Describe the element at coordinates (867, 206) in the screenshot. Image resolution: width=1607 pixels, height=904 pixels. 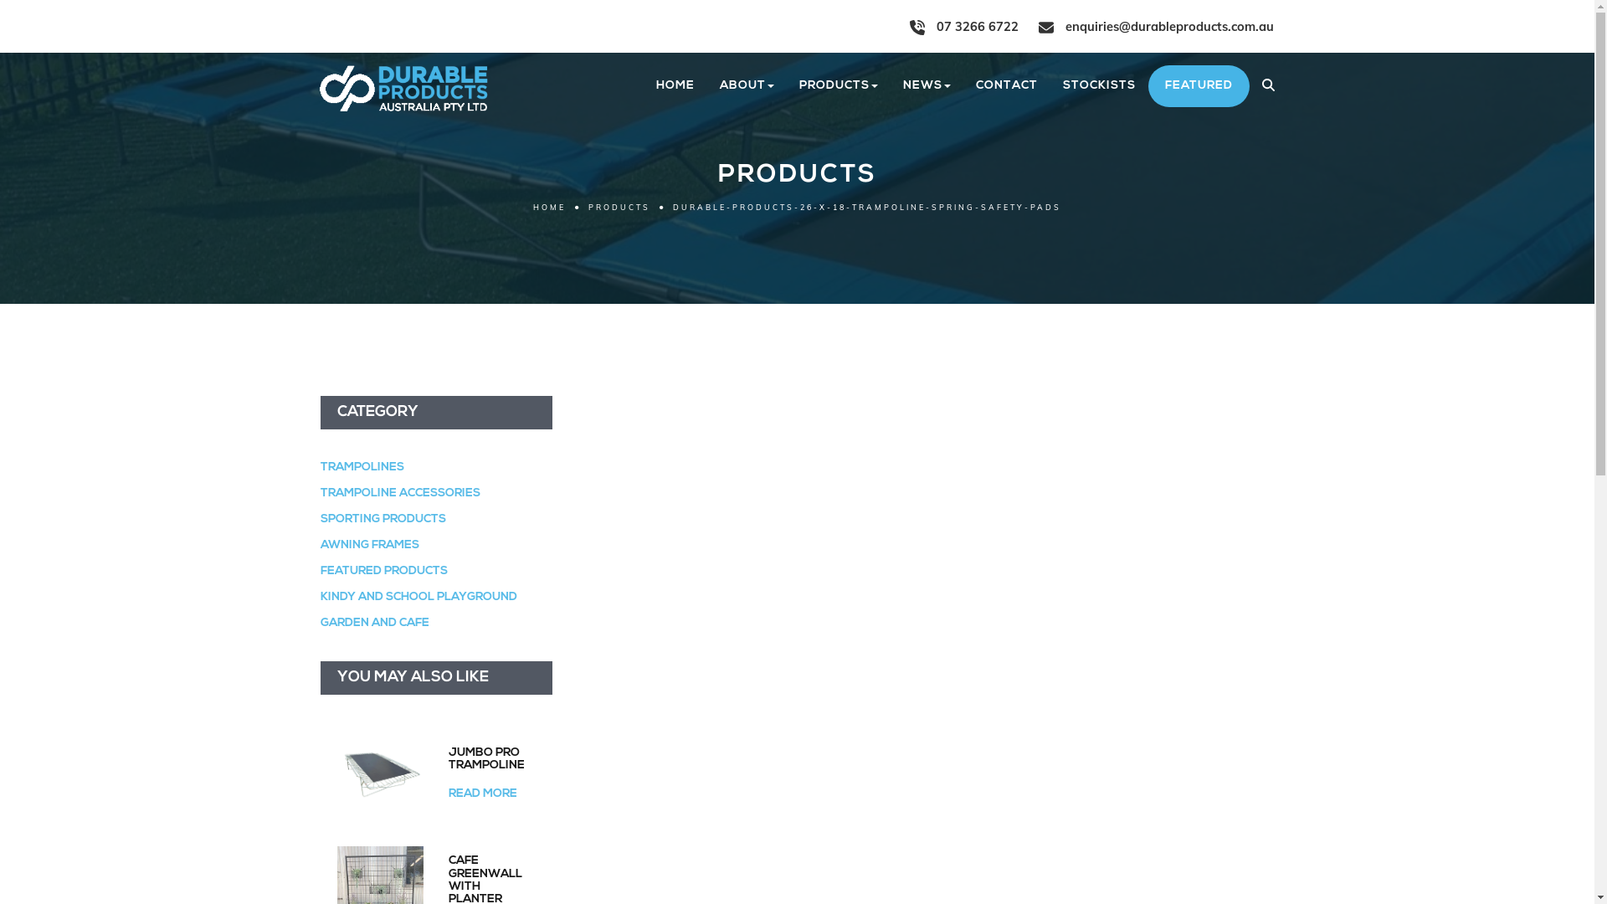
I see `'DURABLE-PRODUCTS-26-X-18-TRAMPOLINE-SPRING-SAFETY-PADS'` at that location.